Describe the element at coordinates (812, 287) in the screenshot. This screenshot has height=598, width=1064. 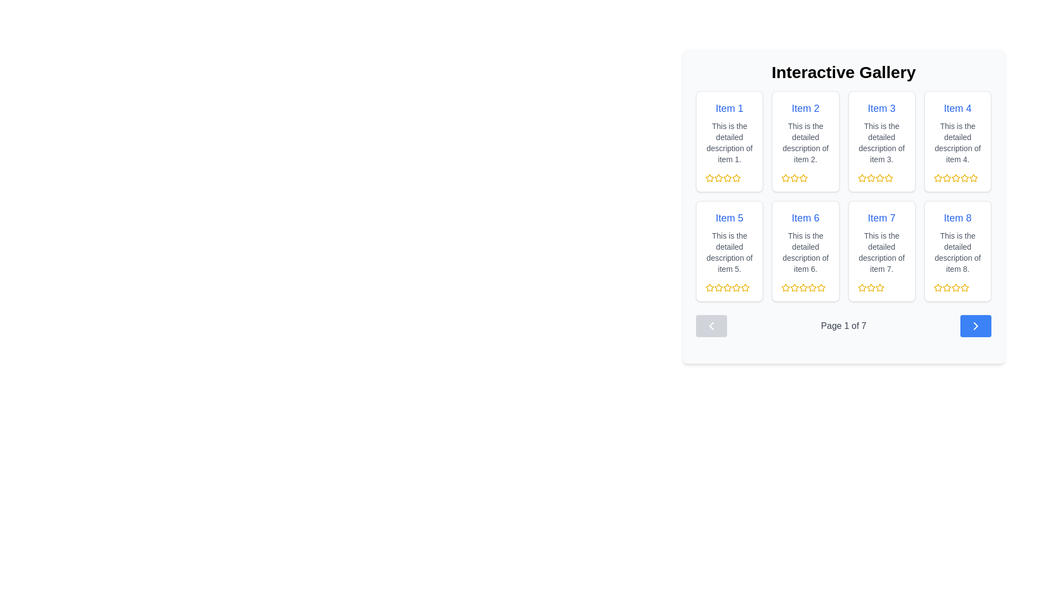
I see `the interactive star icon used for rating under 'Item 6', which is the fifth star in the rating section` at that location.